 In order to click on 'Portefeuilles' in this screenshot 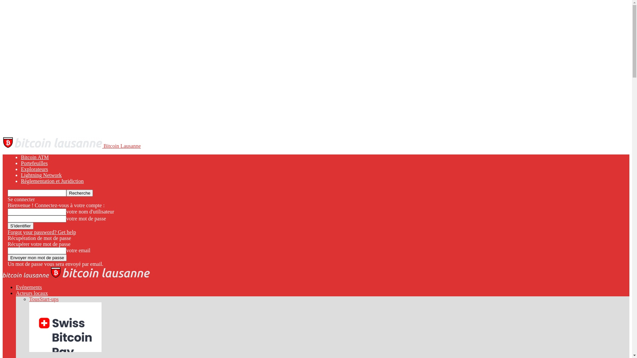, I will do `click(34, 163)`.